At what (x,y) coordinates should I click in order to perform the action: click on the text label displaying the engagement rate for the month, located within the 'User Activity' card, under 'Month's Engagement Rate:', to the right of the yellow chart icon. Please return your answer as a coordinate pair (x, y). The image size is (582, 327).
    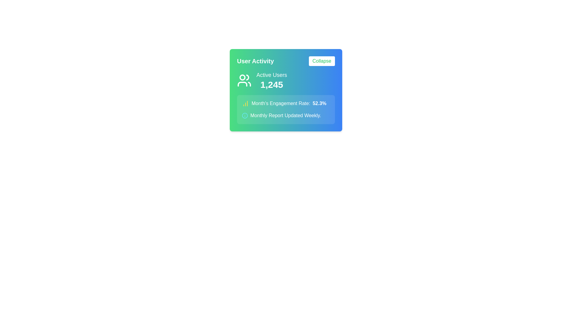
    Looking at the image, I should click on (319, 103).